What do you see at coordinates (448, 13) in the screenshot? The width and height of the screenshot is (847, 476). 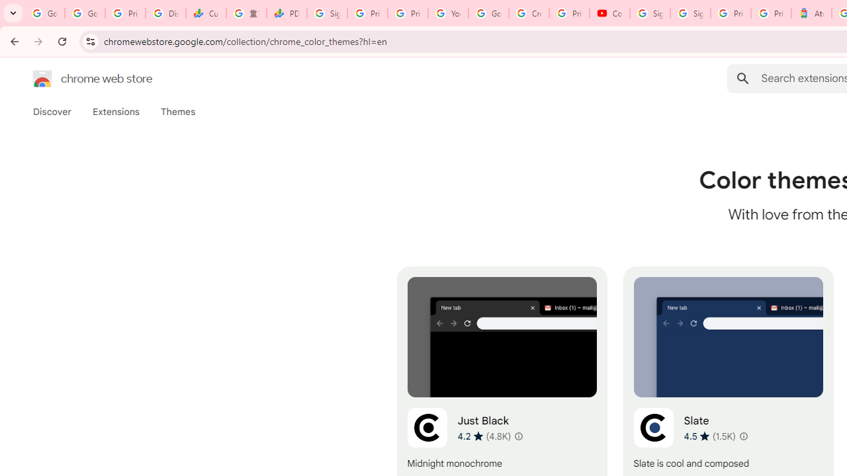 I see `'YouTube'` at bounding box center [448, 13].